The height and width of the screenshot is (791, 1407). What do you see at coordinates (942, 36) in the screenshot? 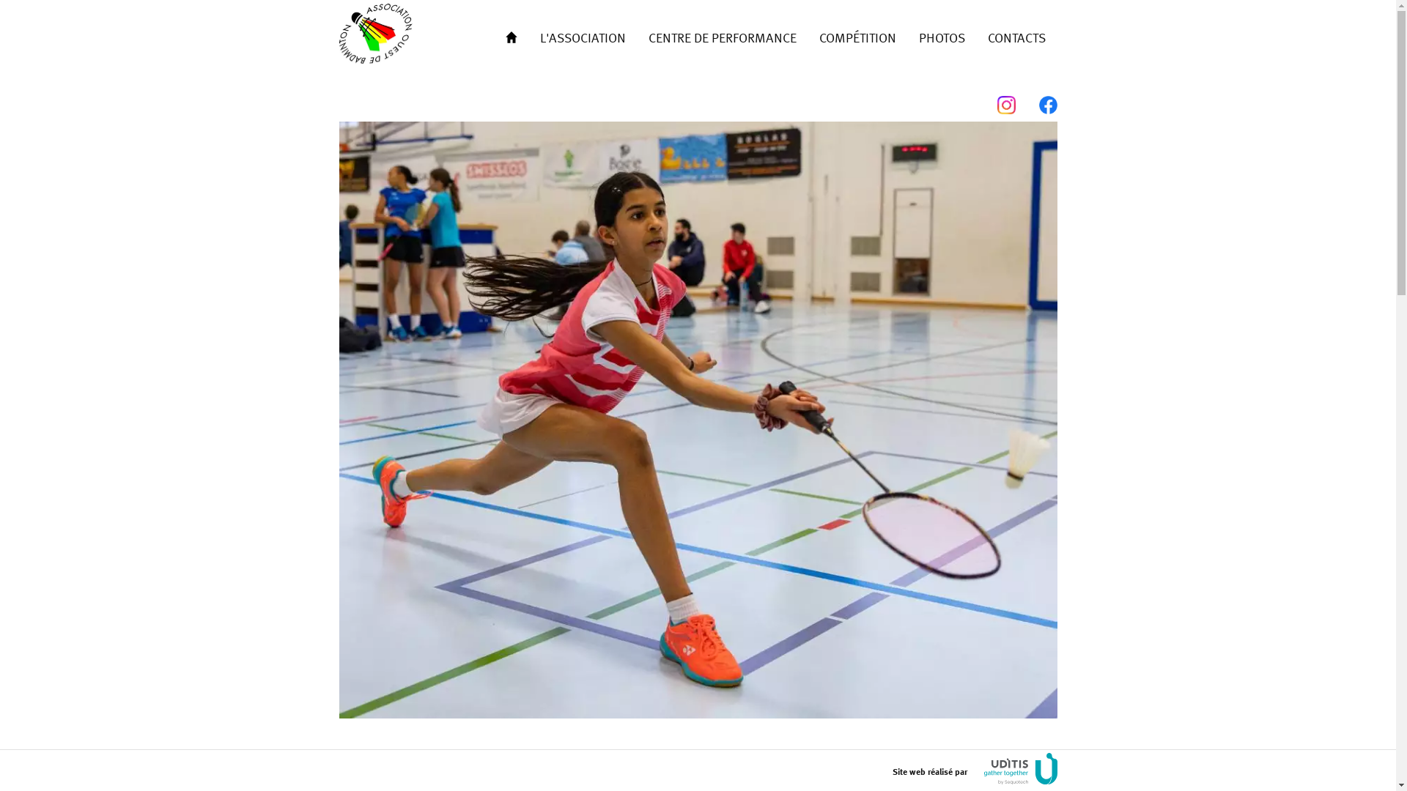
I see `'PHOTOS'` at bounding box center [942, 36].